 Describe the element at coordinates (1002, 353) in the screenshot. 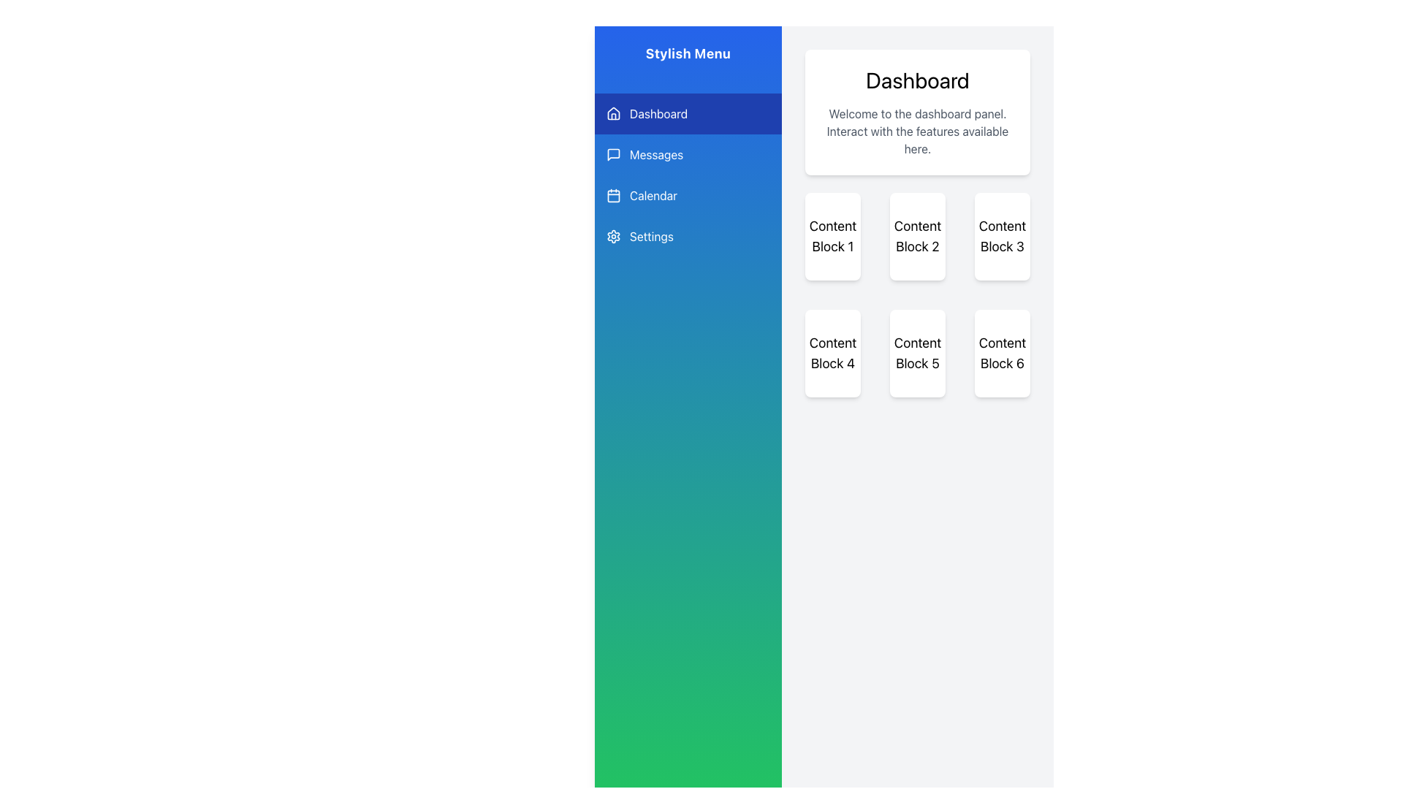

I see `the rectangular, white content block labeled 'Content Block 6' with rounded corners that is positioned in the middle-right region of the interface` at that location.